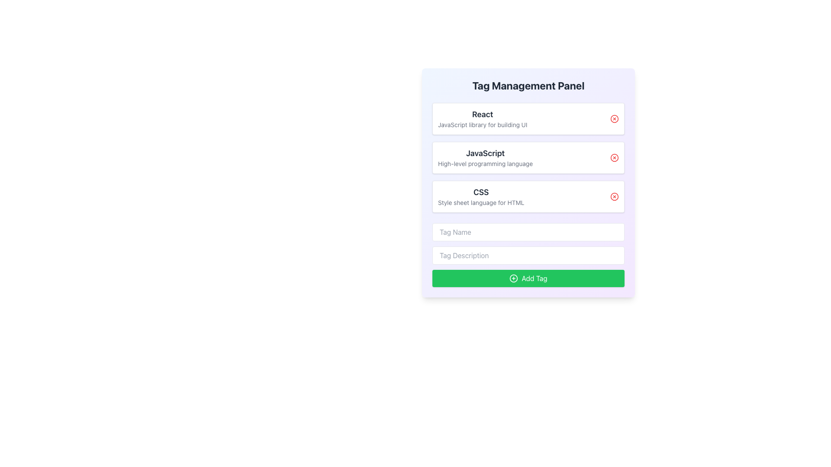  What do you see at coordinates (485, 153) in the screenshot?
I see `the text label displaying 'JavaScript' which is bold, larger, and centrally placed above the description text 'High-level programming language'` at bounding box center [485, 153].